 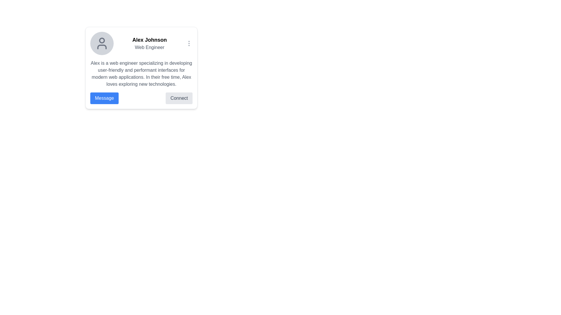 I want to click on profile details by clicking on the Profile Header Section, which includes the avatar icon, the name 'Alex Johnson', and the title 'Web Engineer', so click(x=141, y=43).